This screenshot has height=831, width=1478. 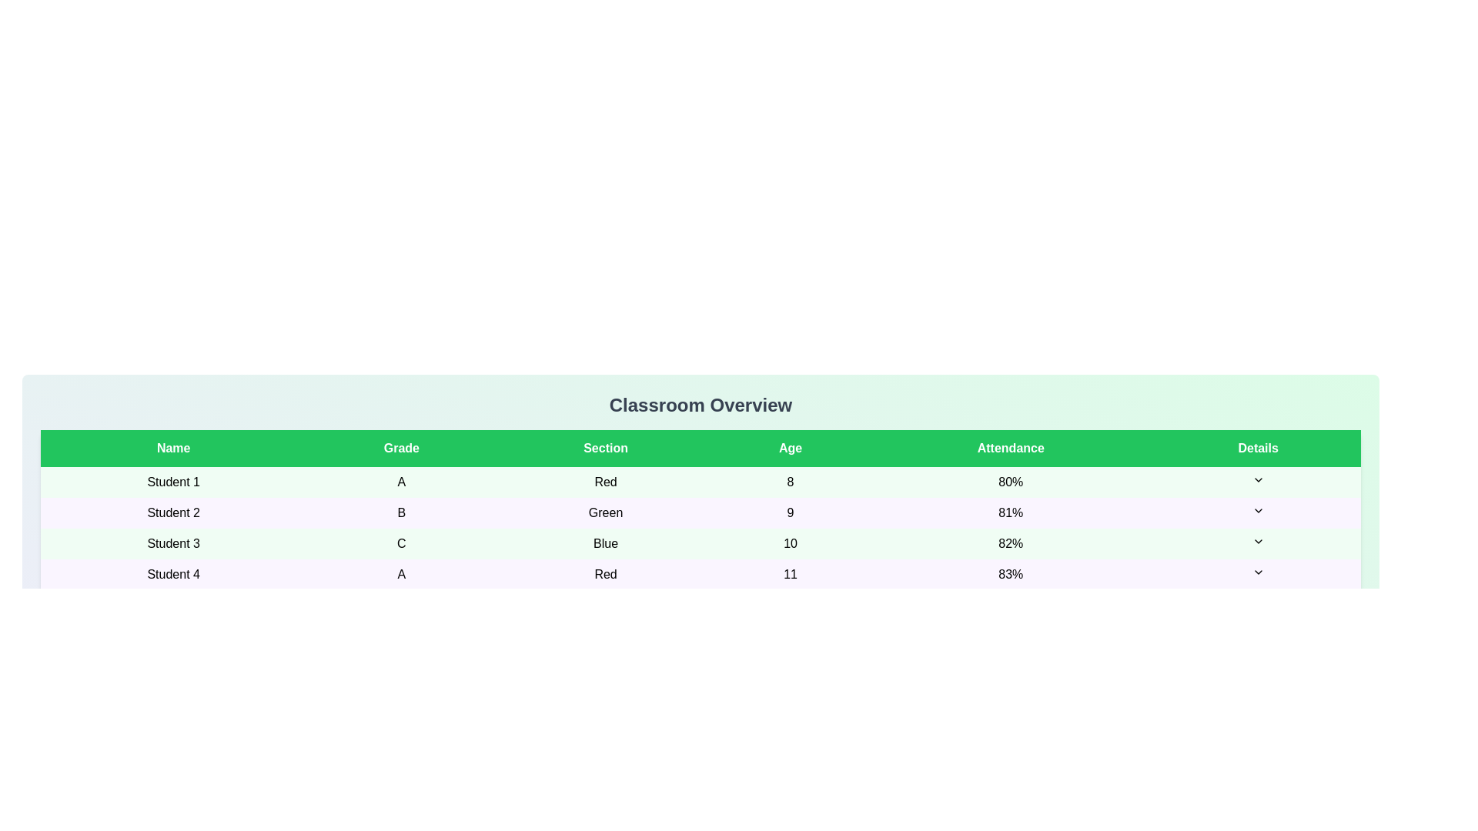 I want to click on the header Section to sort the table by that column, so click(x=605, y=448).